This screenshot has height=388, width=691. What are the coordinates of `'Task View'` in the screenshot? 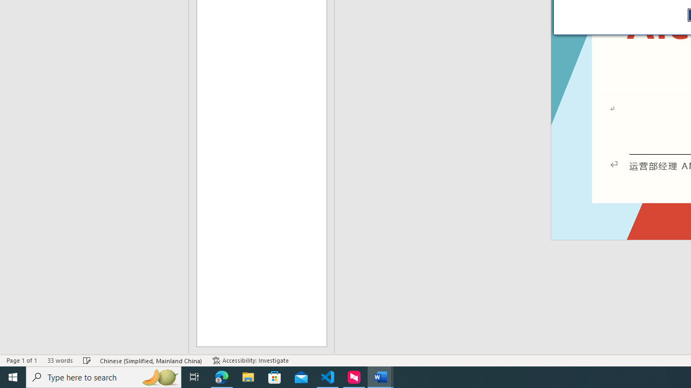 It's located at (194, 376).